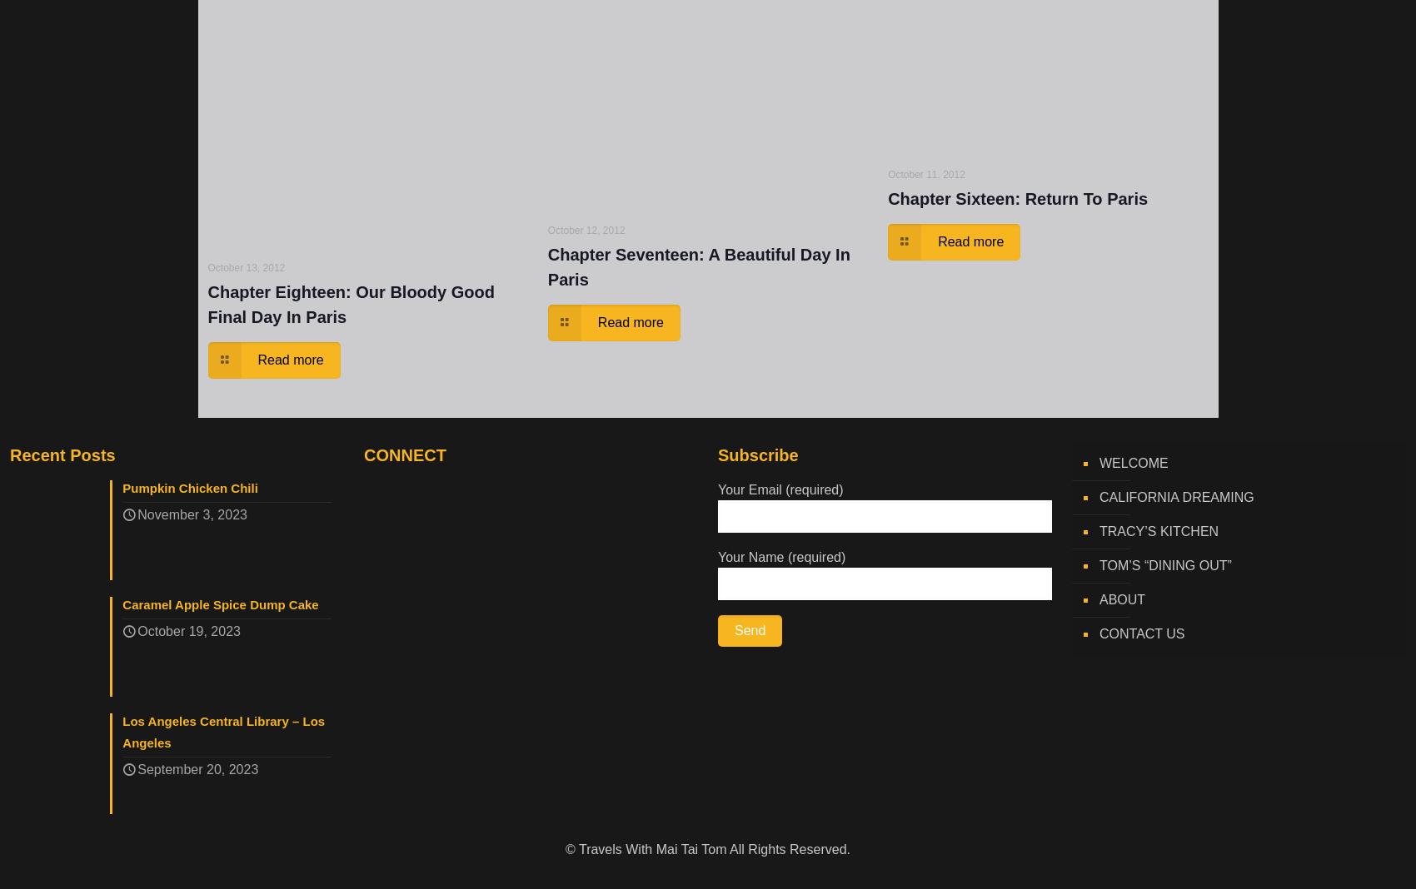  What do you see at coordinates (1099, 531) in the screenshot?
I see `'TRACY’S KITCHEN'` at bounding box center [1099, 531].